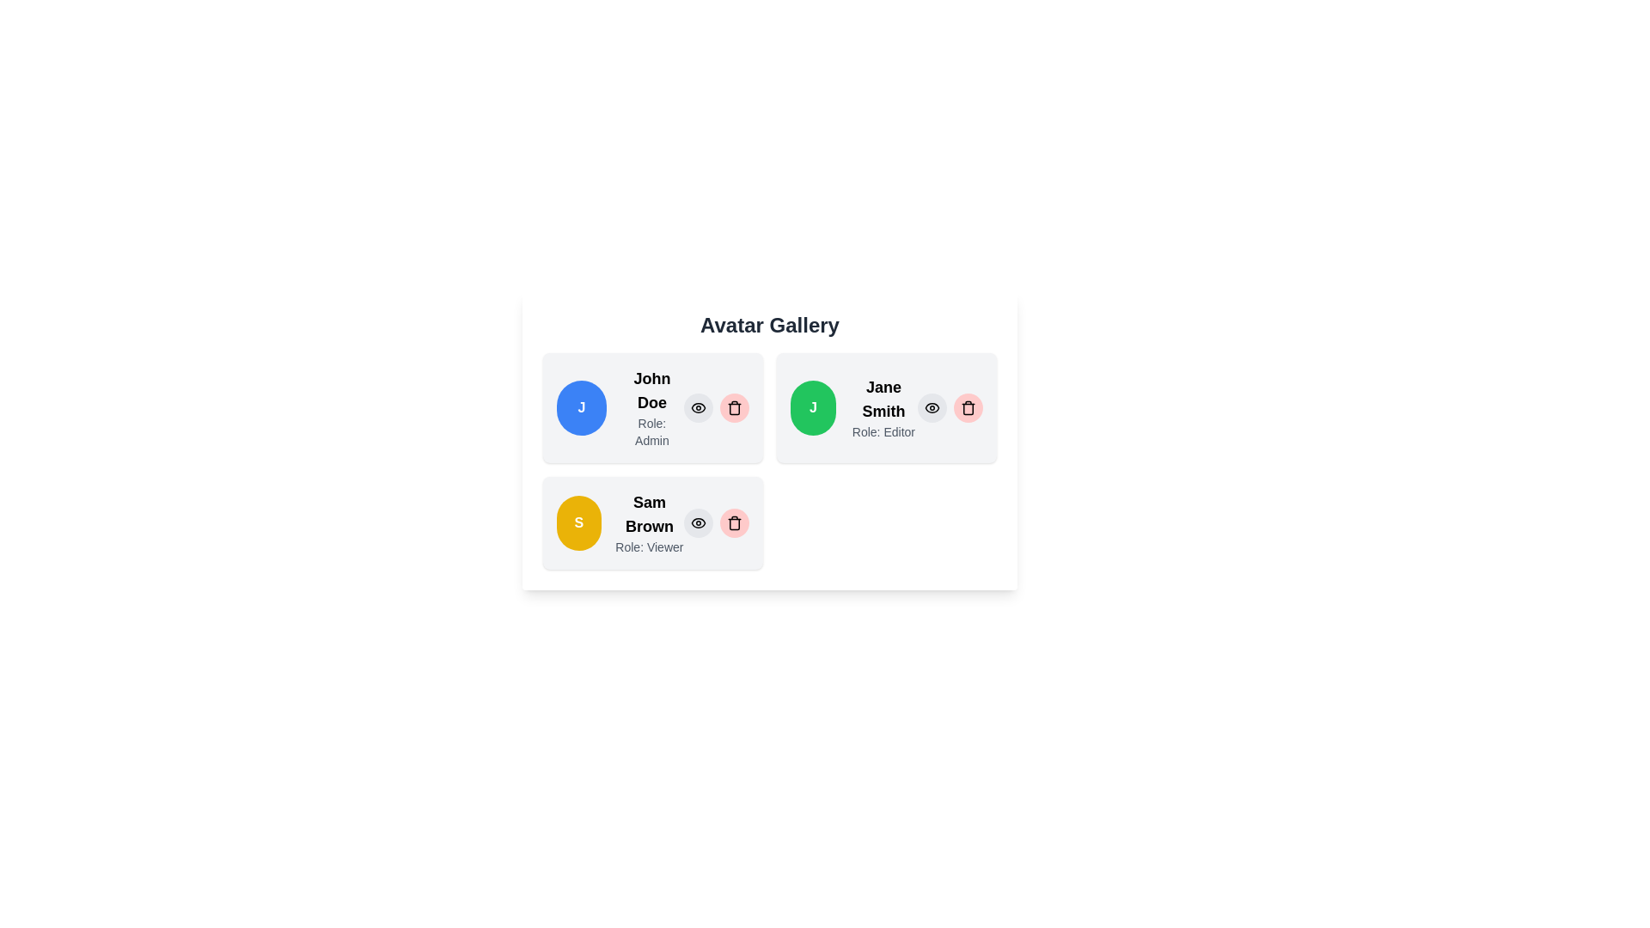 The width and height of the screenshot is (1650, 928). What do you see at coordinates (931, 407) in the screenshot?
I see `the button that toggles the visibility of details associated with 'Jane Smith'` at bounding box center [931, 407].